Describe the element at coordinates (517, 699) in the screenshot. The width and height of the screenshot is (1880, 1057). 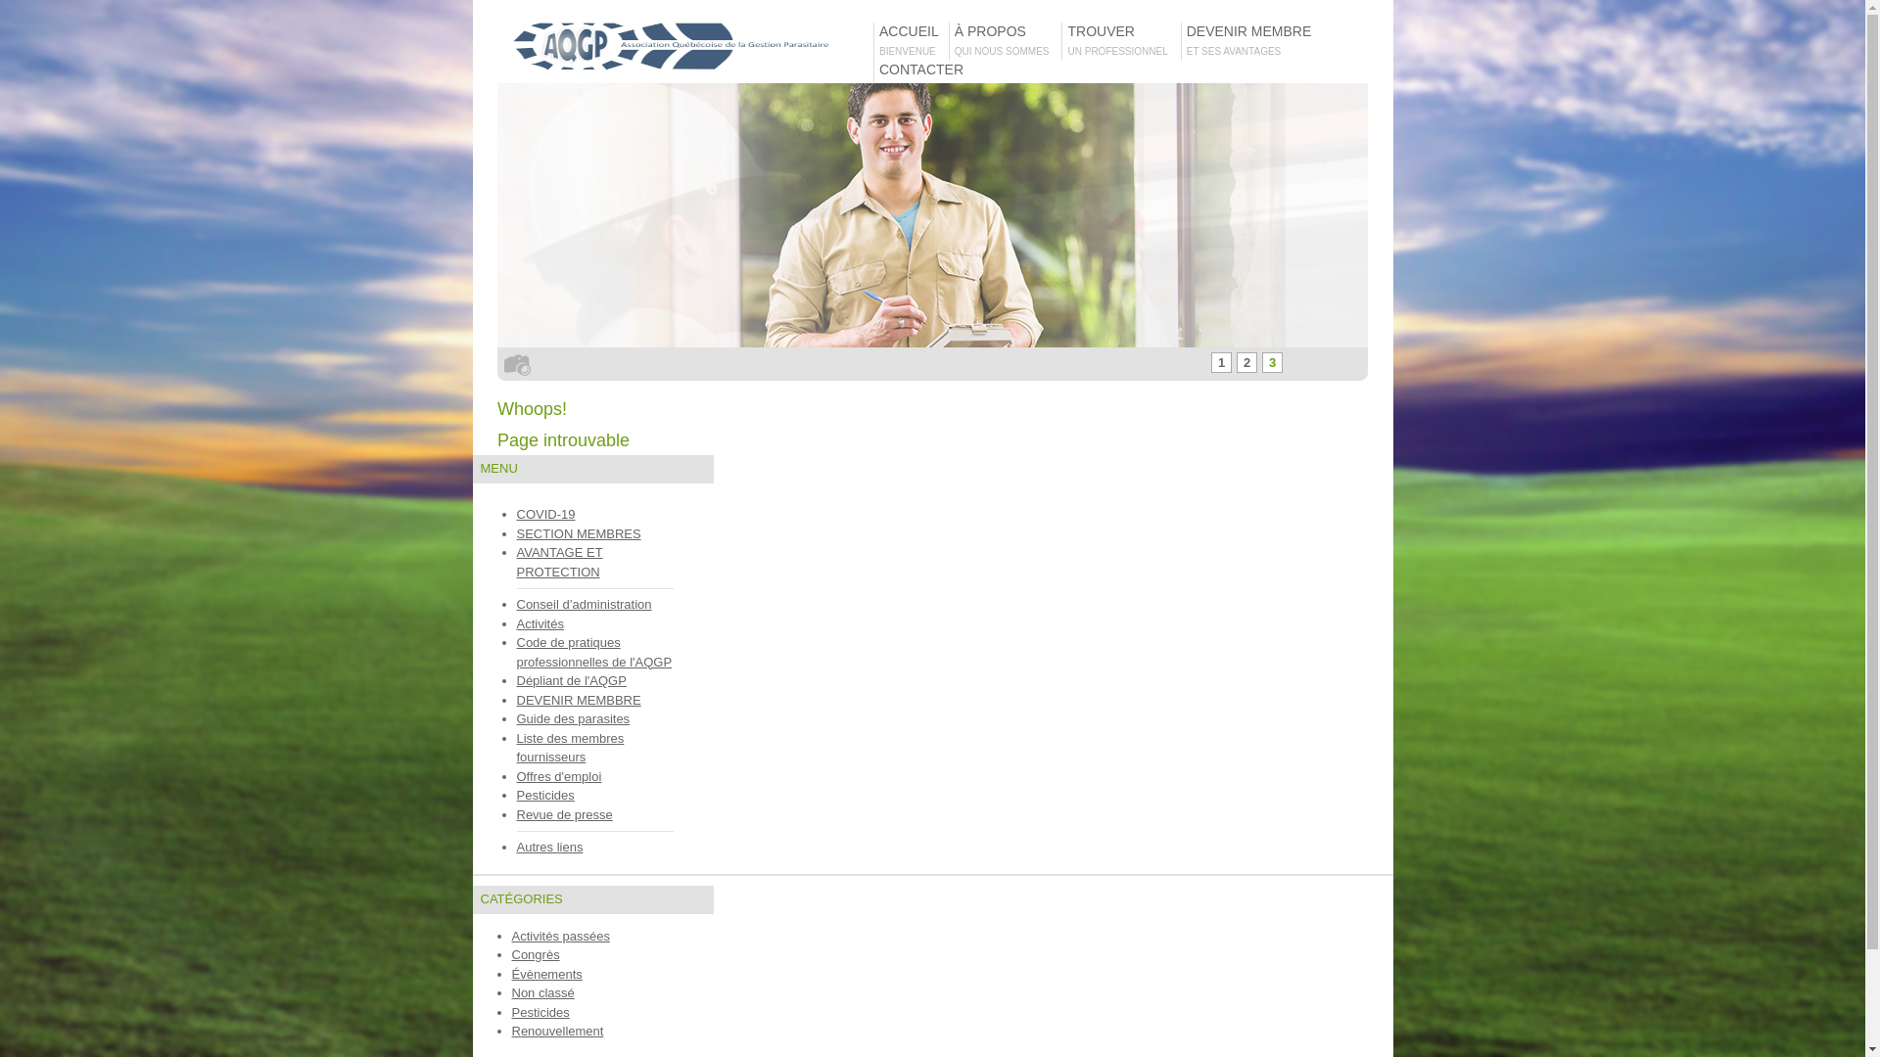
I see `'DEVENIR MEMBBRE'` at that location.